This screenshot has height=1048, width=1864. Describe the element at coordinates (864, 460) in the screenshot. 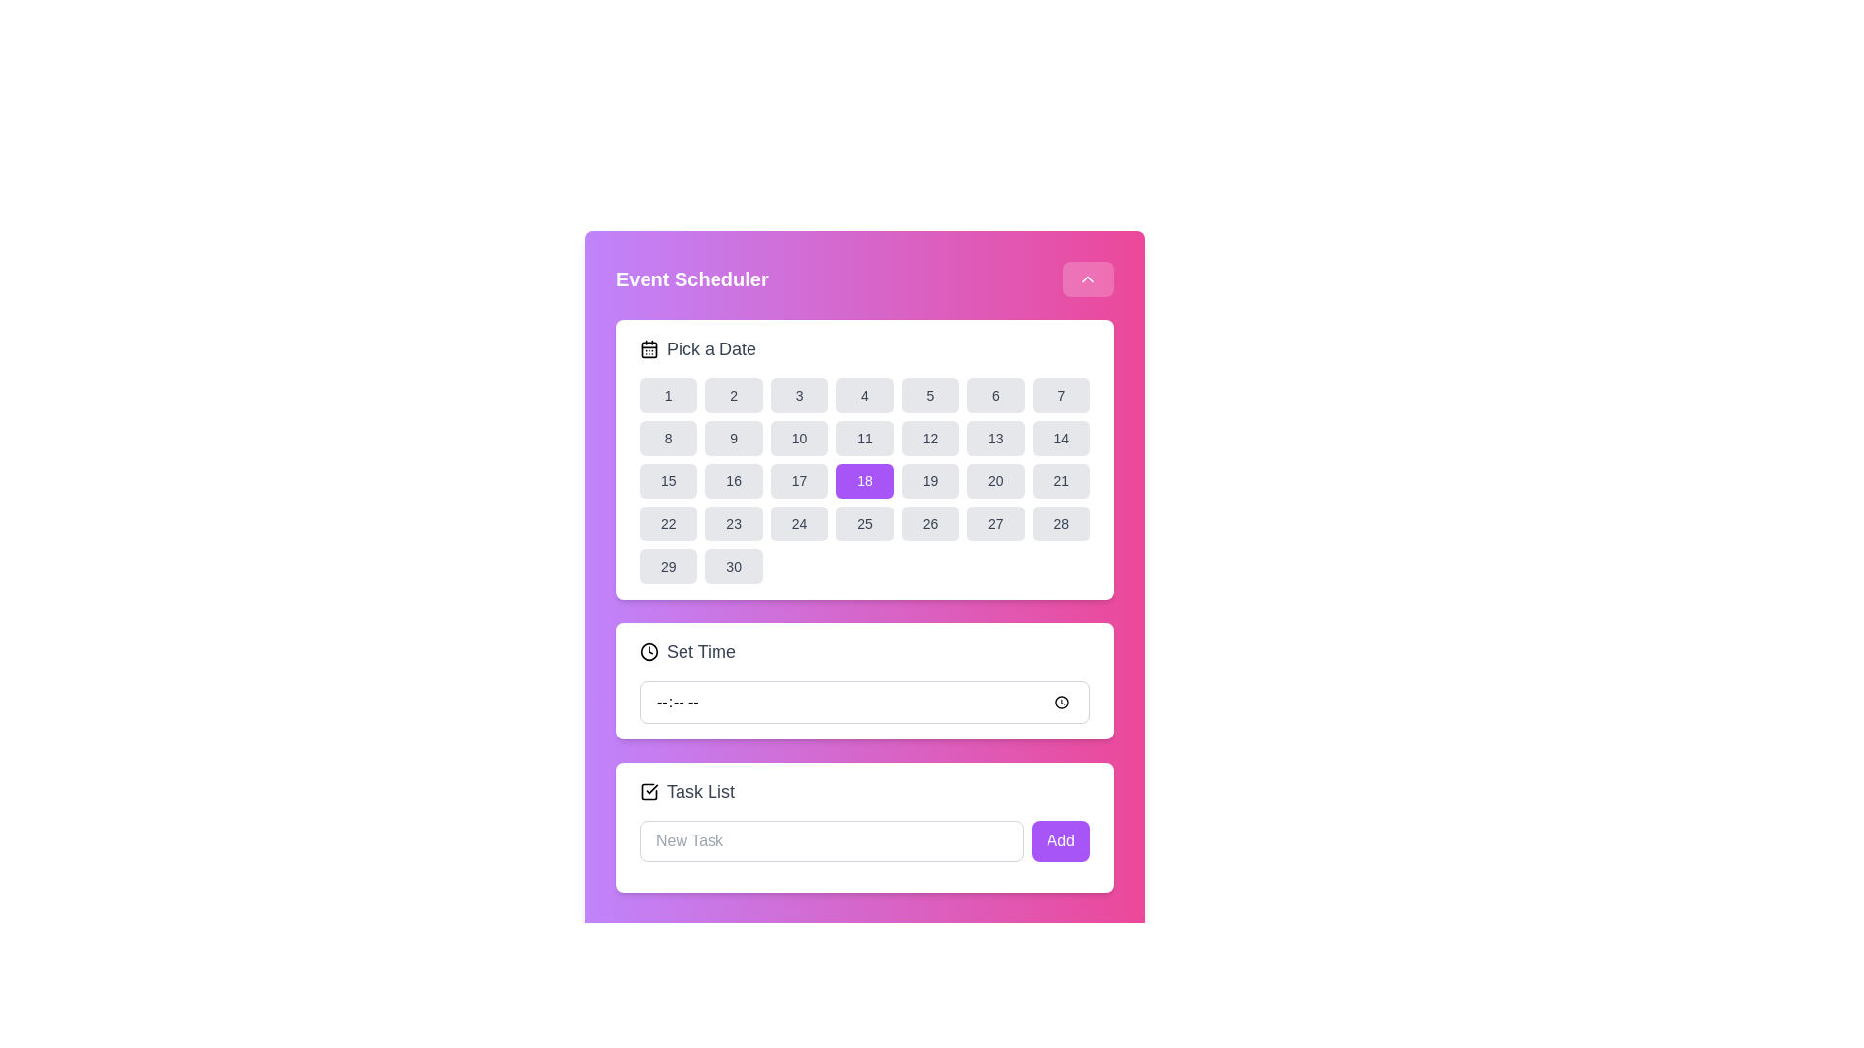

I see `the date picker component` at that location.